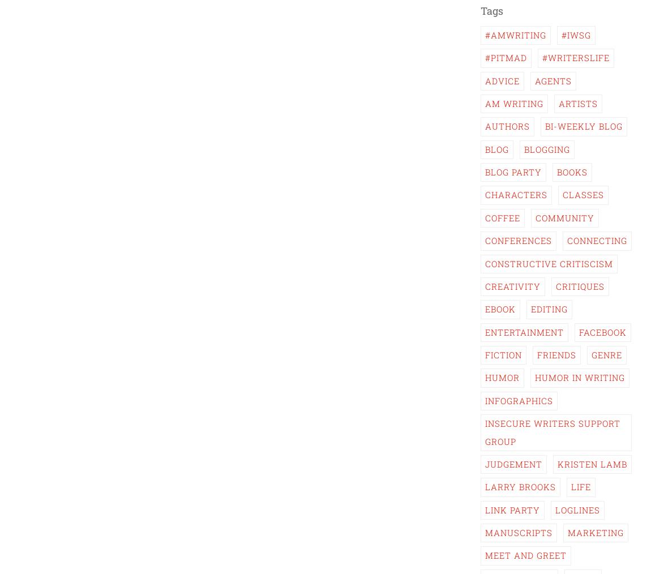 The image size is (651, 574). Describe the element at coordinates (581, 486) in the screenshot. I see `'Life'` at that location.